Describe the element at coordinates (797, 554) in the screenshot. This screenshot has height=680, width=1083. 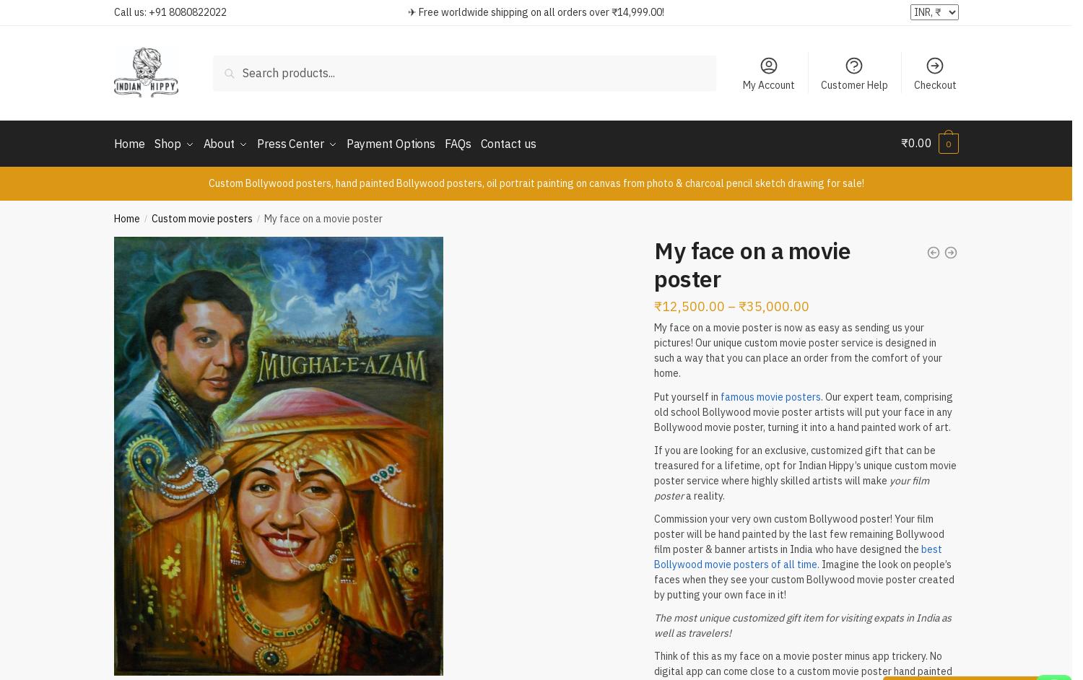
I see `'best Bollywood movie posters of all time.'` at that location.